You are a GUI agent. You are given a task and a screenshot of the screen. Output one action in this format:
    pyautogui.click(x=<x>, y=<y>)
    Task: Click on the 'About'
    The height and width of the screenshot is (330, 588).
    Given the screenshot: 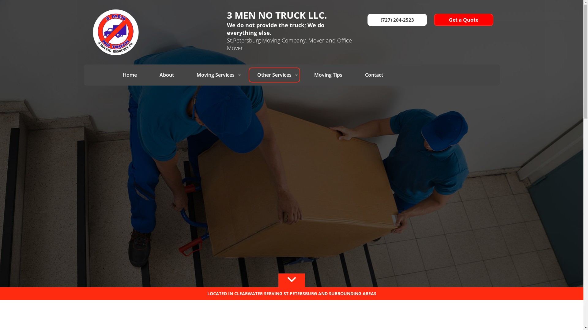 What is the action you would take?
    pyautogui.click(x=167, y=75)
    